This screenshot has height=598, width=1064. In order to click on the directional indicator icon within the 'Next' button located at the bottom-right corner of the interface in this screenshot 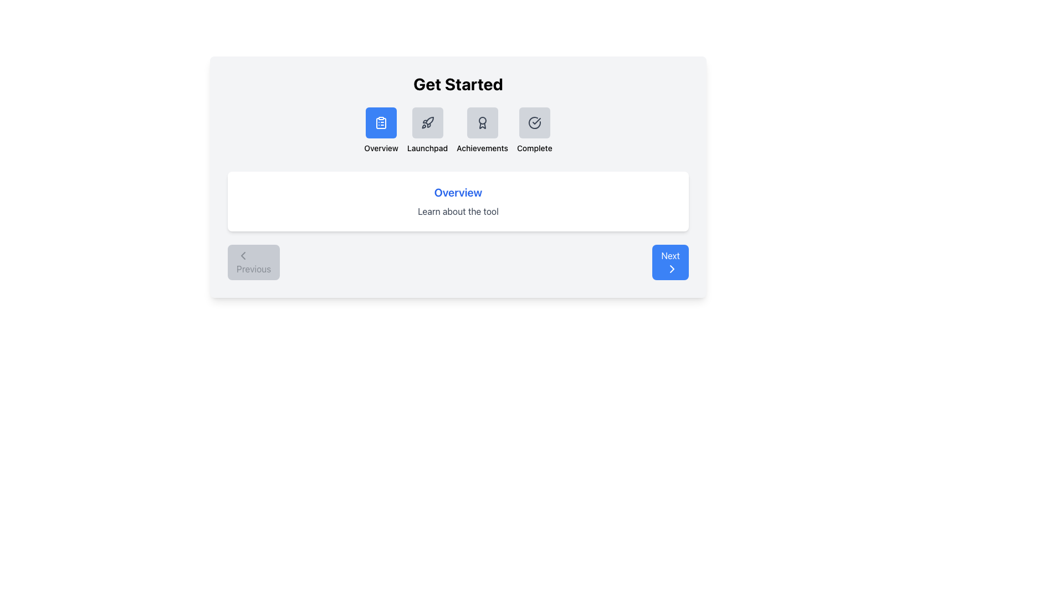, I will do `click(672, 269)`.